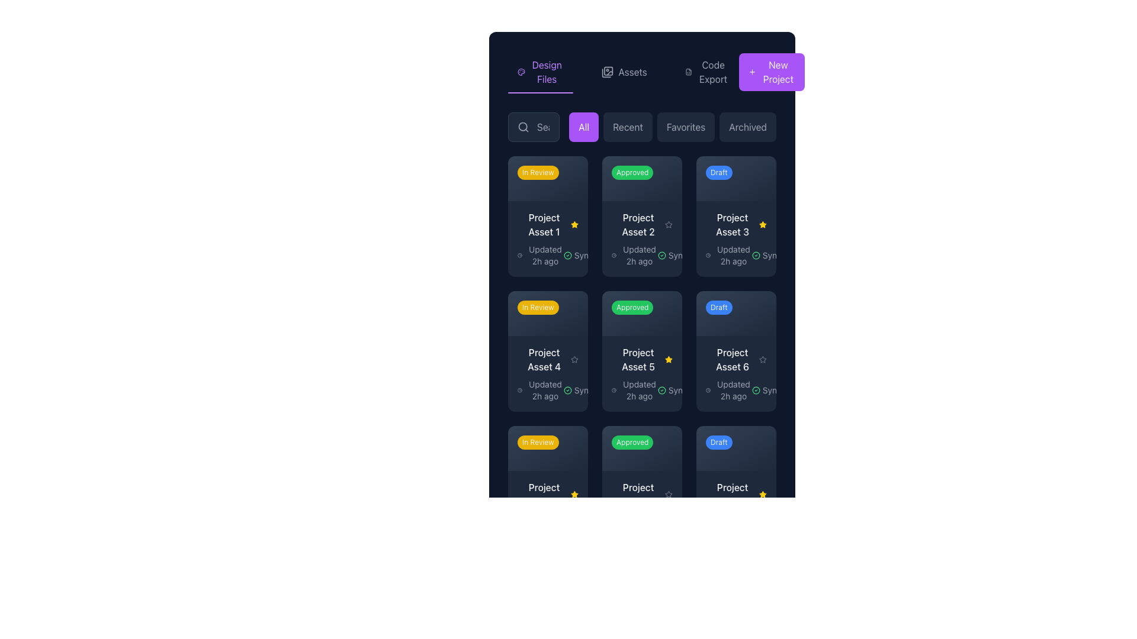 This screenshot has height=639, width=1137. Describe the element at coordinates (735, 224) in the screenshot. I see `the text label 'Project Asset 3' with a yellow star icon` at that location.